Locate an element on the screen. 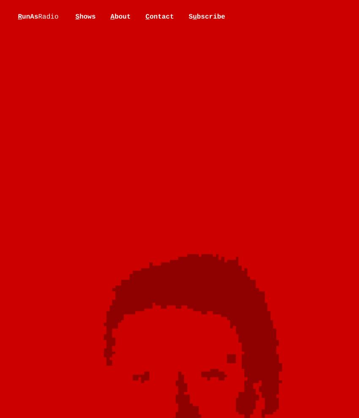  'hows' is located at coordinates (79, 16).